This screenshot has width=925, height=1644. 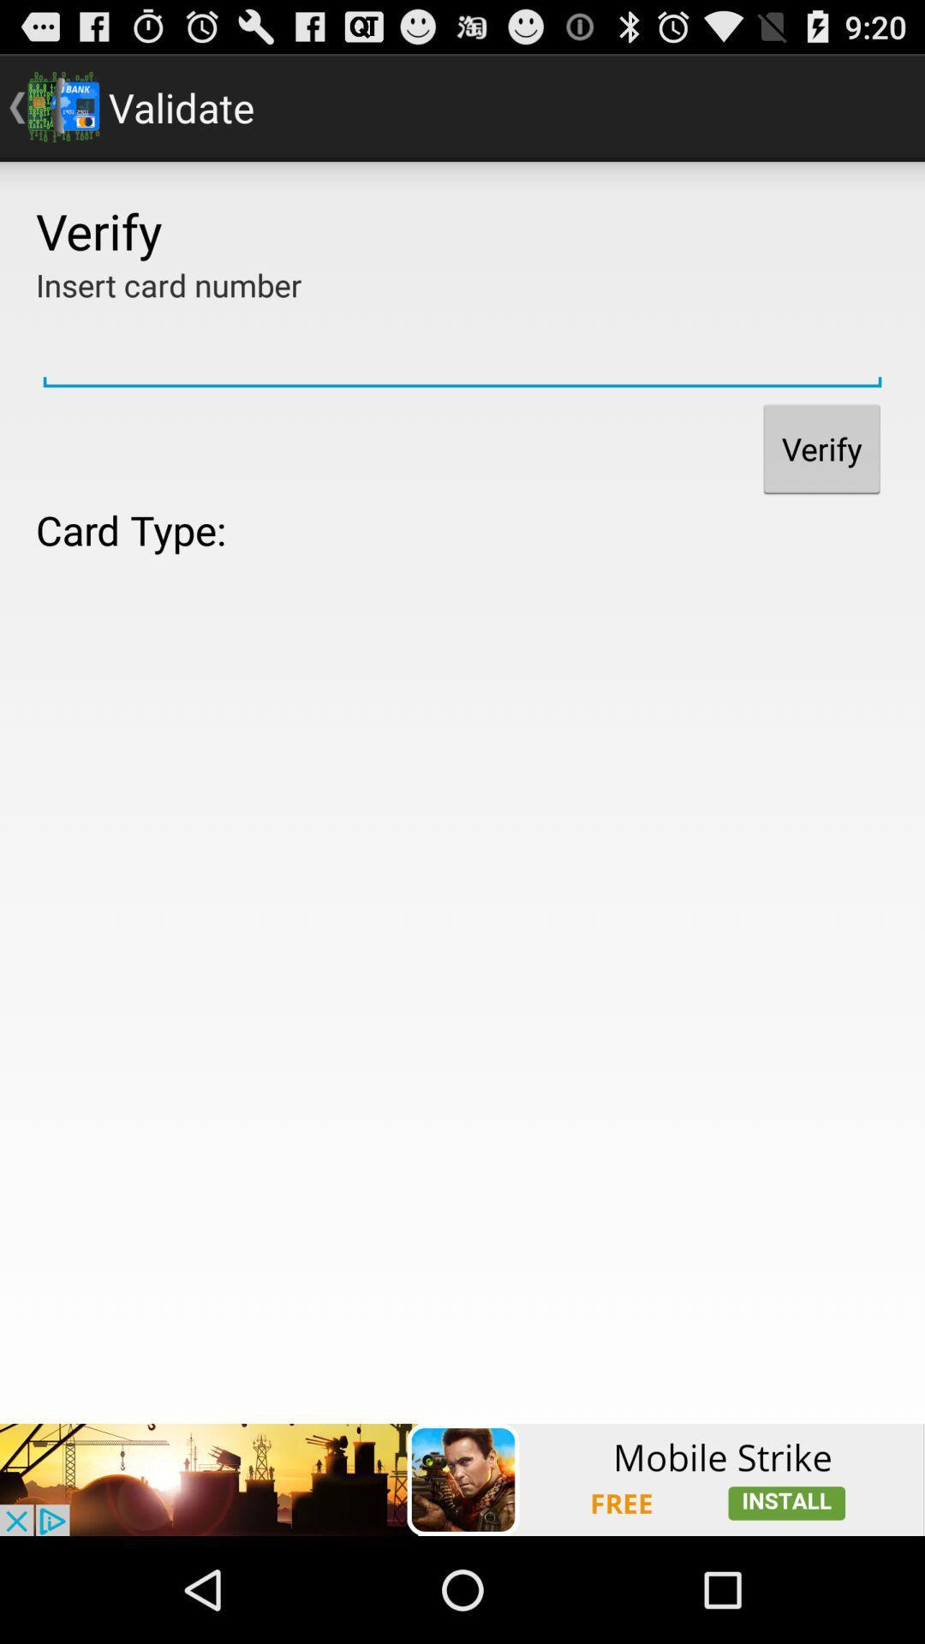 I want to click on input card number, so click(x=462, y=349).